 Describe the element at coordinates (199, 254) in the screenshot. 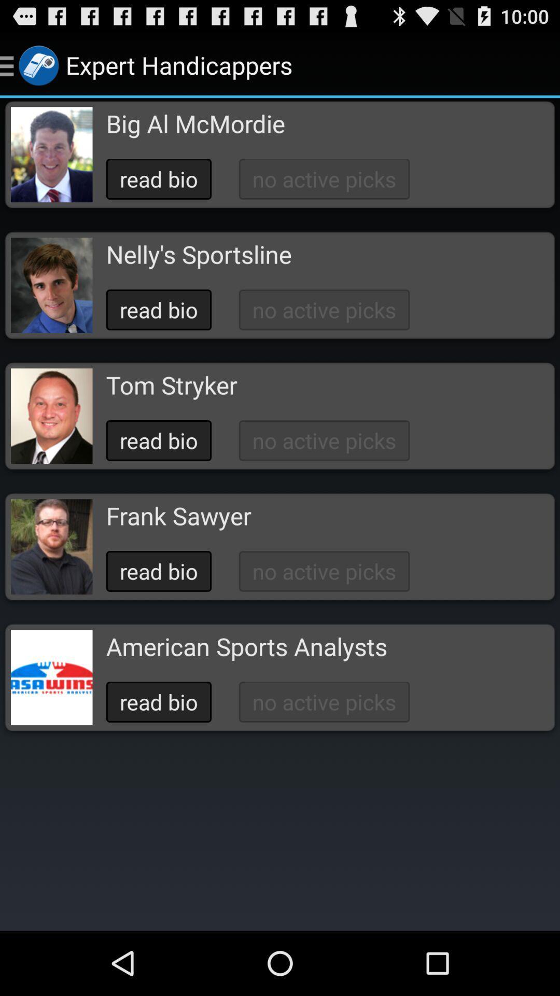

I see `item above the read bio icon` at that location.